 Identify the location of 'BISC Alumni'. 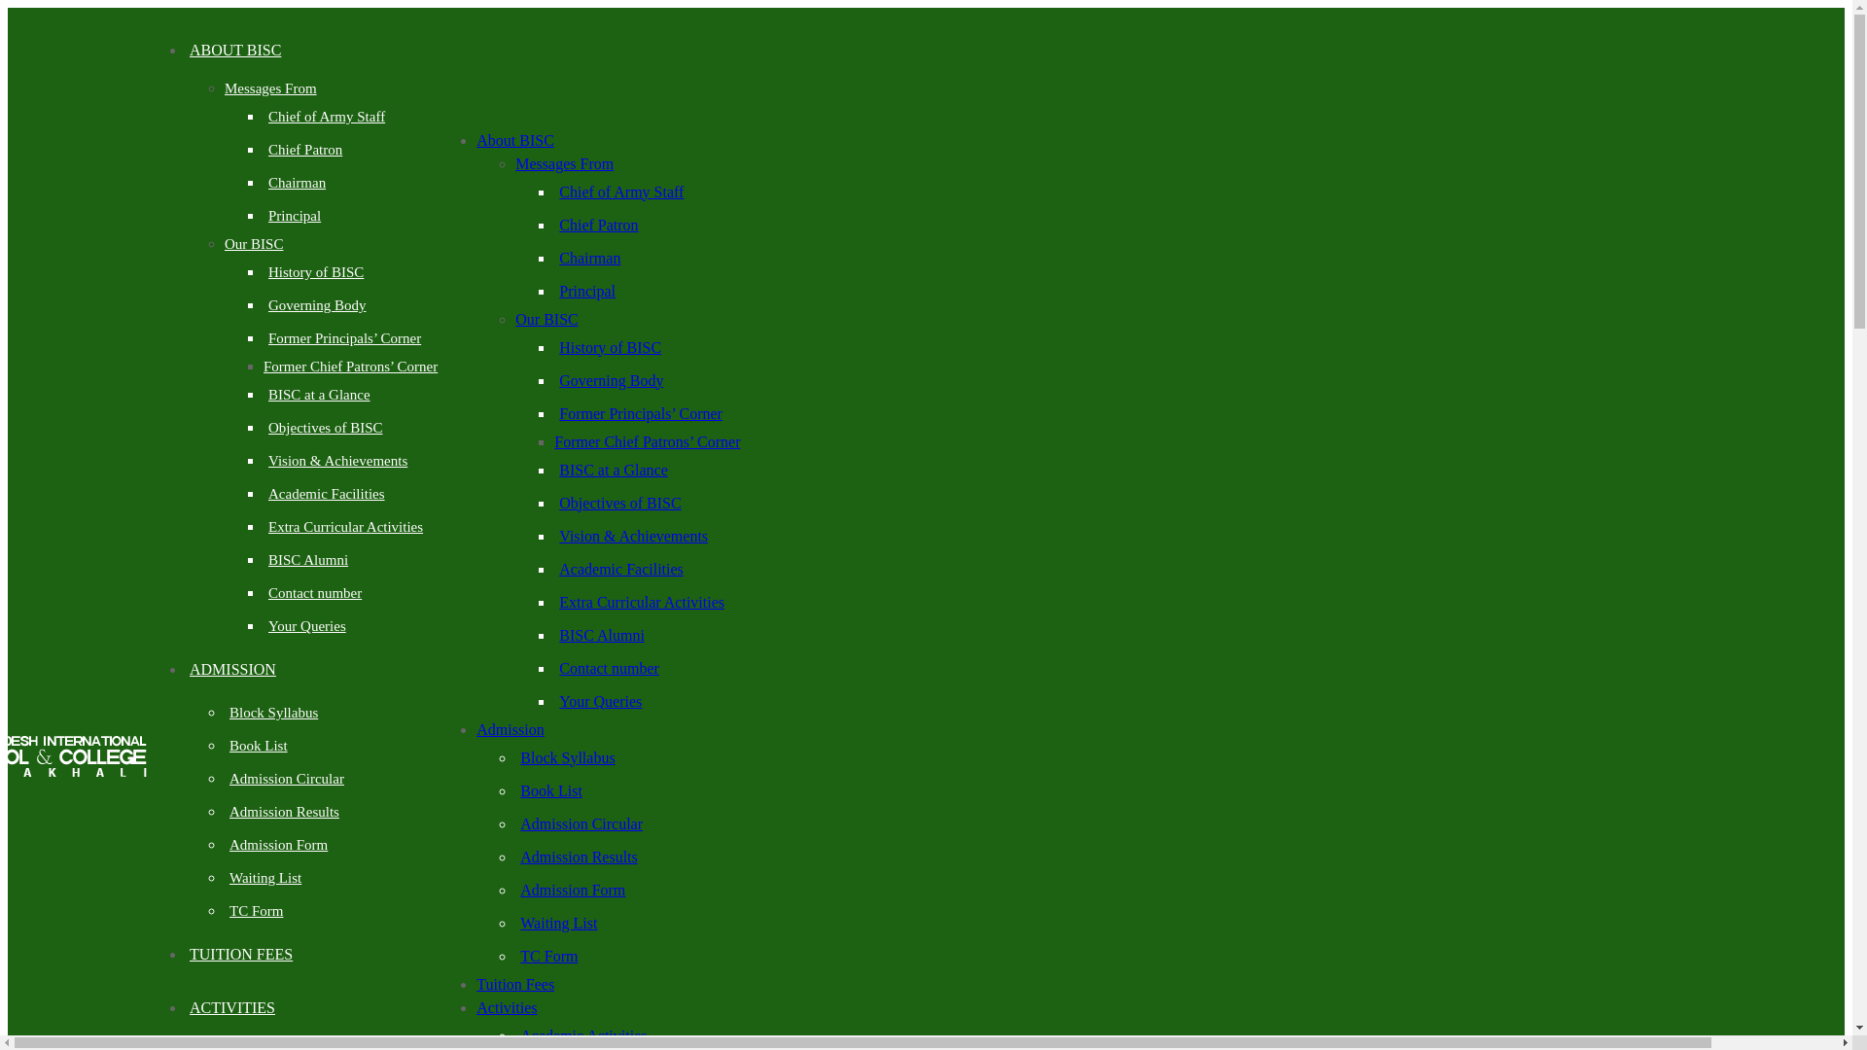
(266, 559).